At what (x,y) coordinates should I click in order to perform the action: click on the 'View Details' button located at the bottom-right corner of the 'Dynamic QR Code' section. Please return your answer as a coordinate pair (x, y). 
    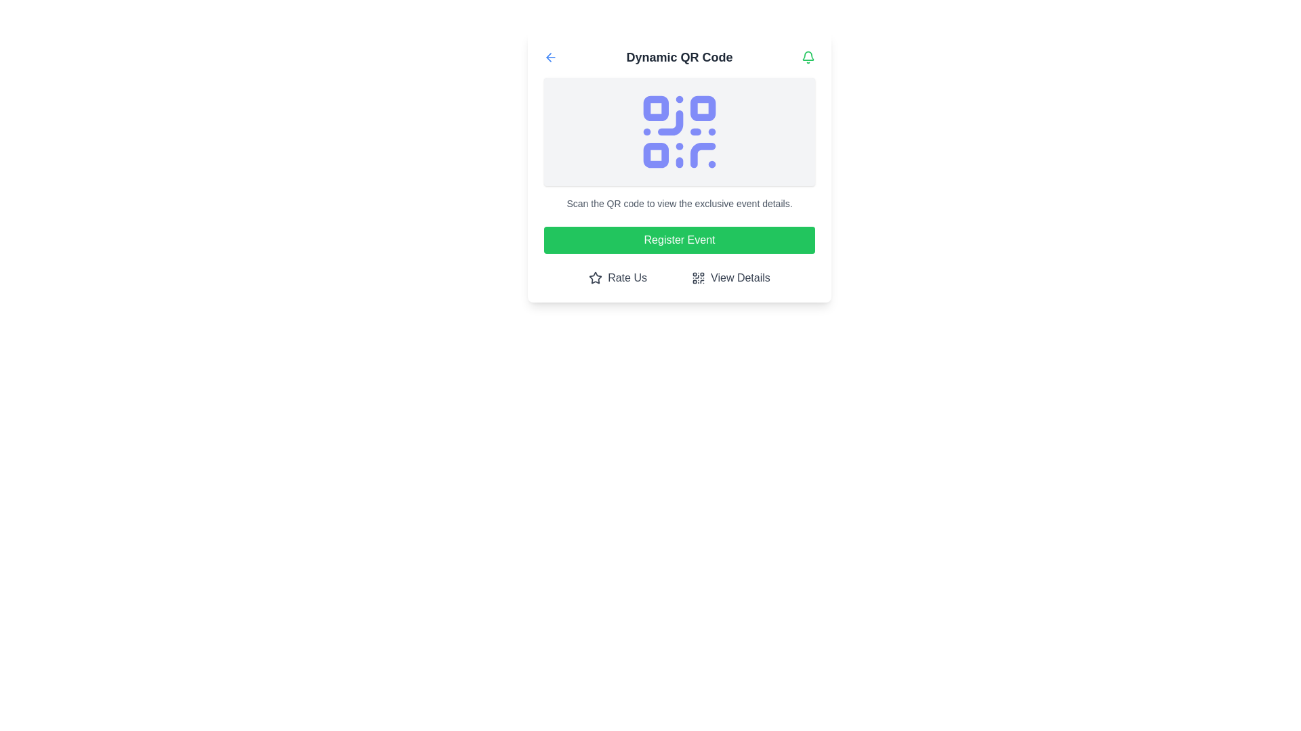
    Looking at the image, I should click on (730, 278).